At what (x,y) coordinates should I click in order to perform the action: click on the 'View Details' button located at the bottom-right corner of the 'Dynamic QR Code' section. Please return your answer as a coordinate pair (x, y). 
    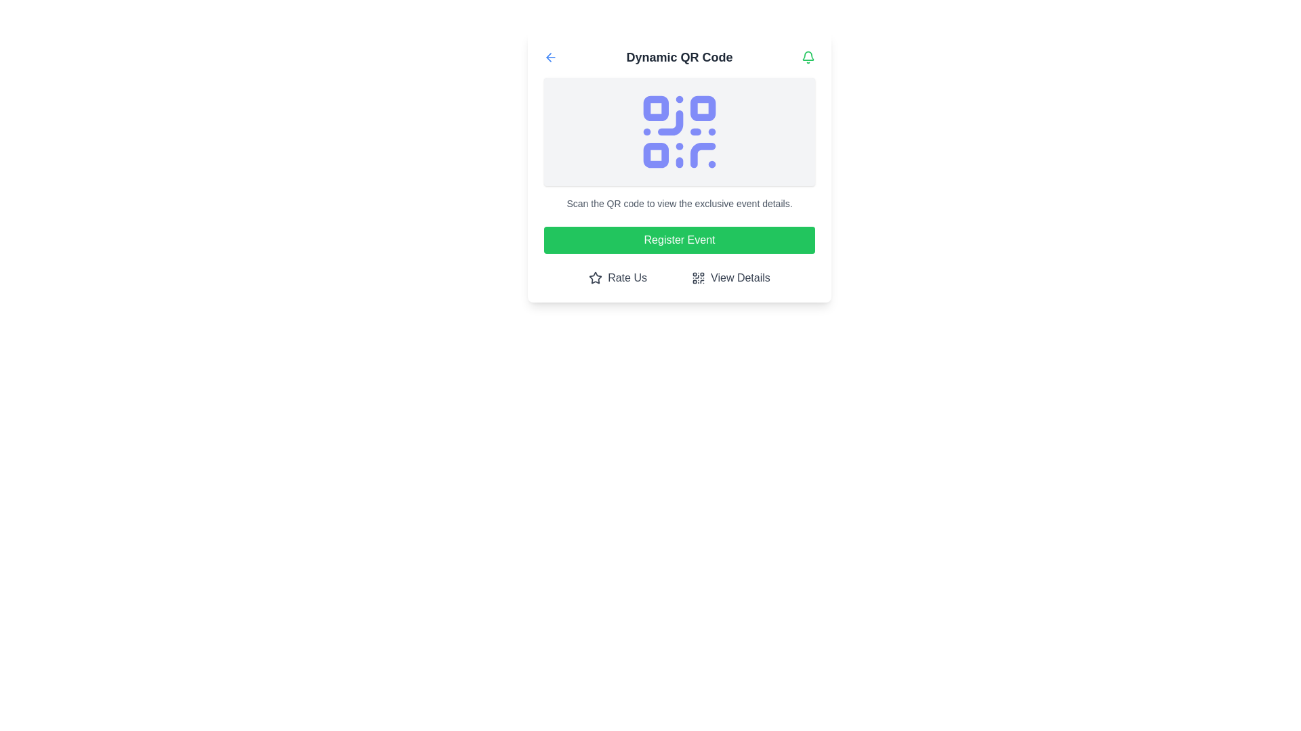
    Looking at the image, I should click on (730, 278).